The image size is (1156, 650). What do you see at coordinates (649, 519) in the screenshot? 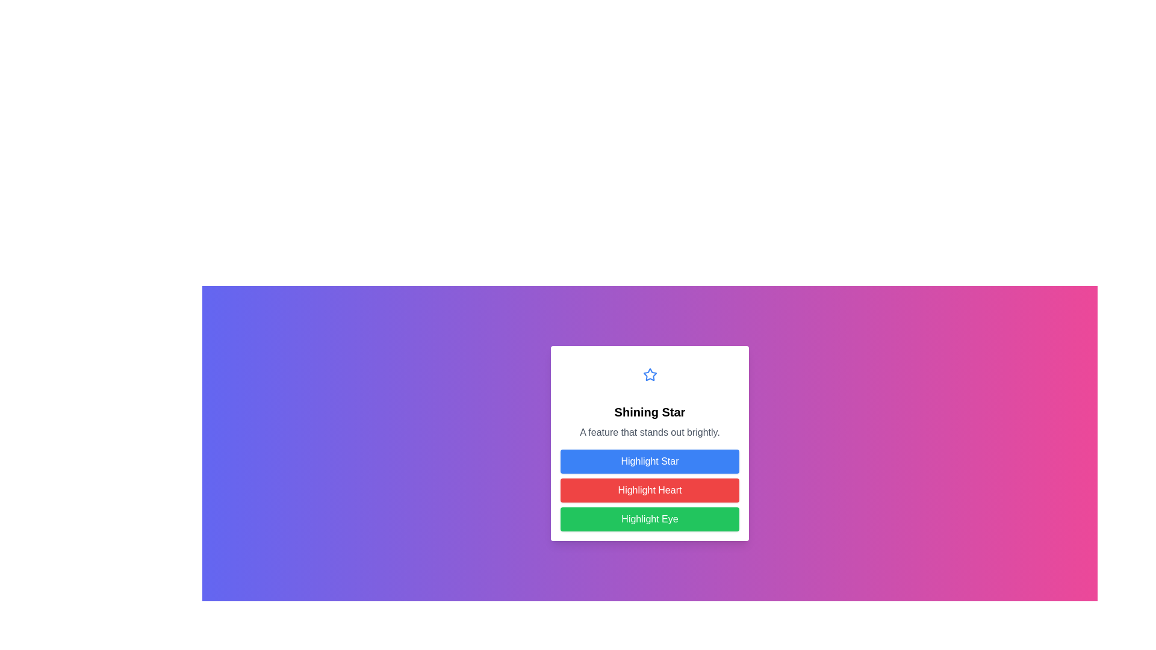
I see `the 'Highlight Eye' button, which is a green rectangular button with rounded corners and white text, located below the 'Highlight Star' and 'Highlight Heart' buttons` at bounding box center [649, 519].